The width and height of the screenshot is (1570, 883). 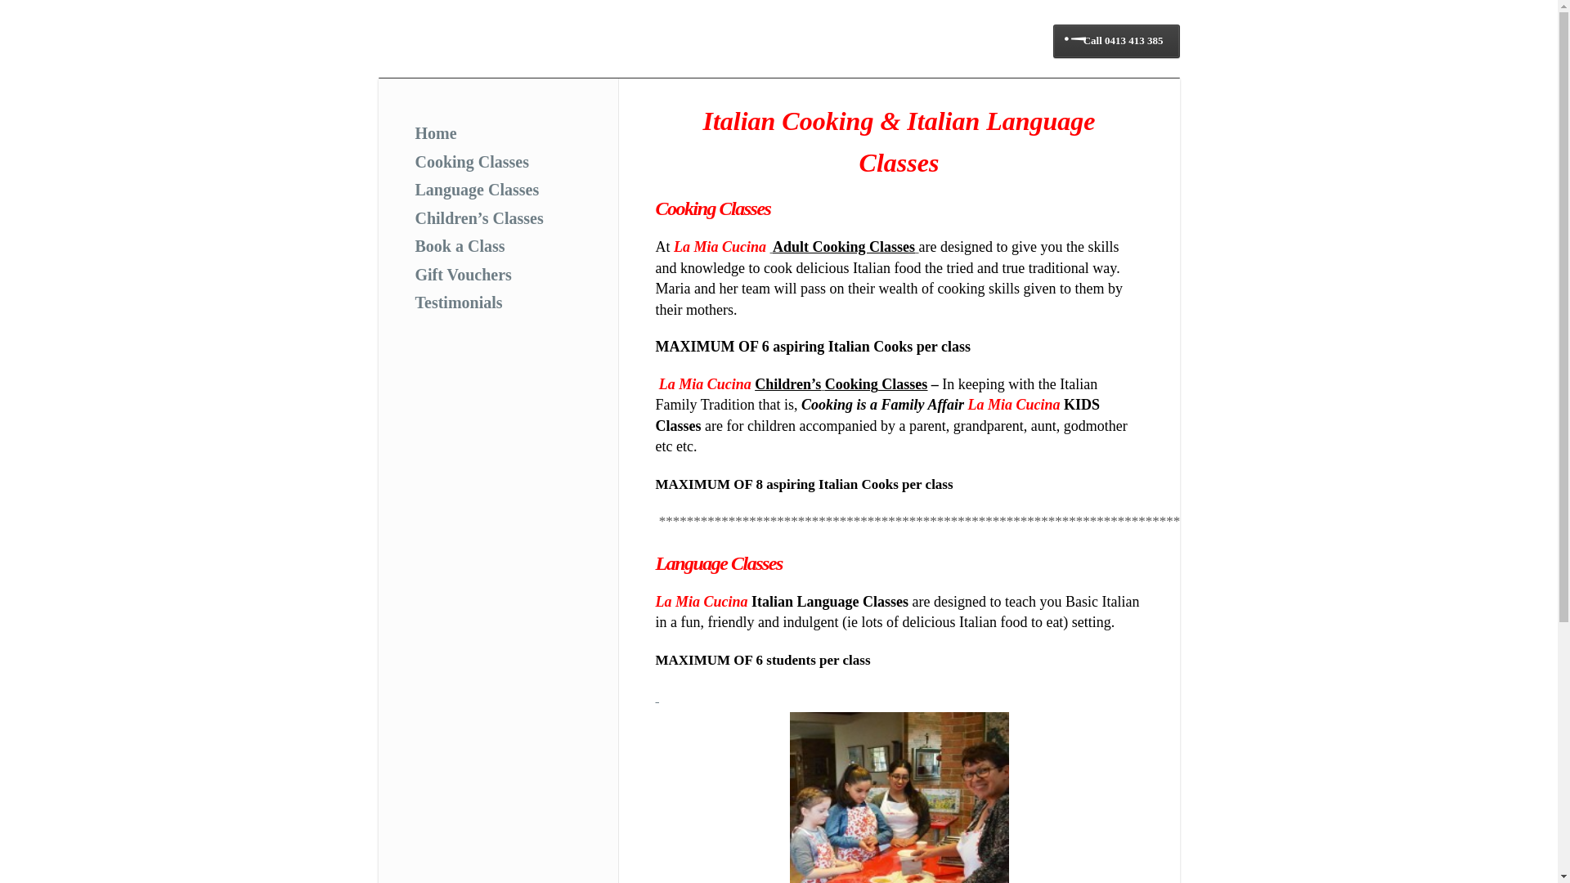 I want to click on 'Book a Class', so click(x=459, y=245).